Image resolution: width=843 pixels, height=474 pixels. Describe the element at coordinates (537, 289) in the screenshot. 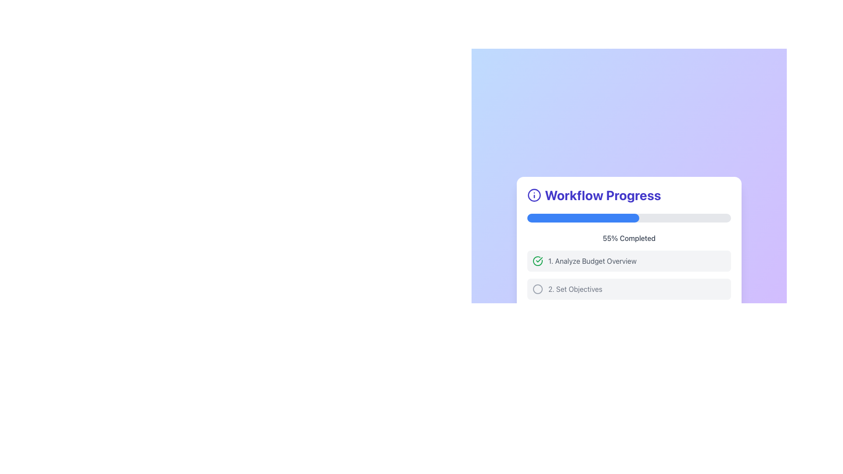

I see `the status icon for the 'Set Objectives' task in the workflow list` at that location.